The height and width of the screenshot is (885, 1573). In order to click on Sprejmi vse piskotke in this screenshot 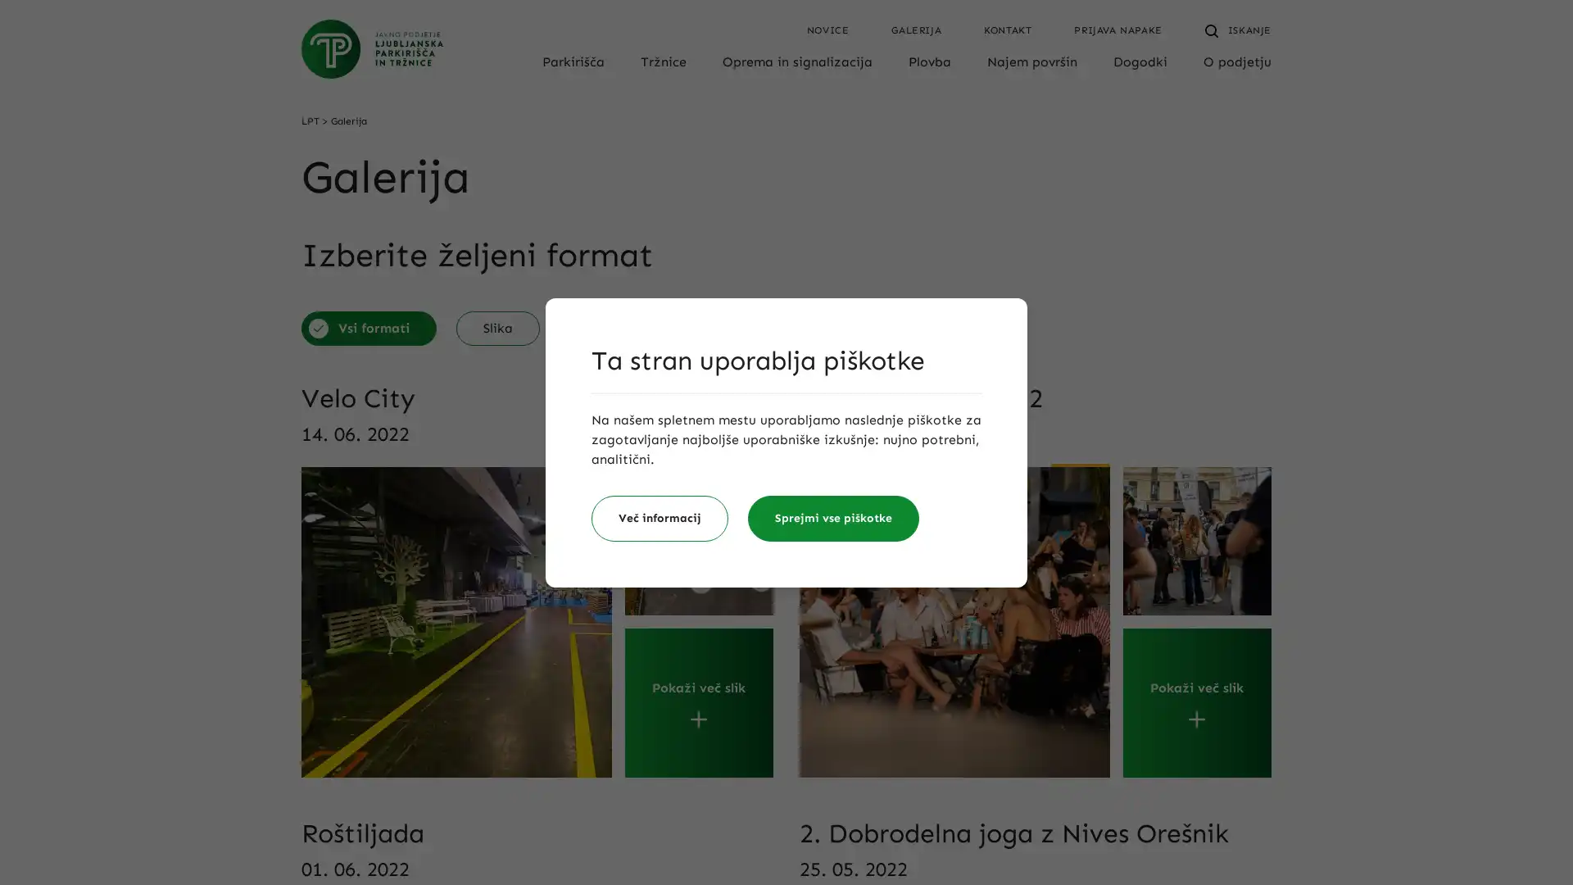, I will do `click(833, 518)`.